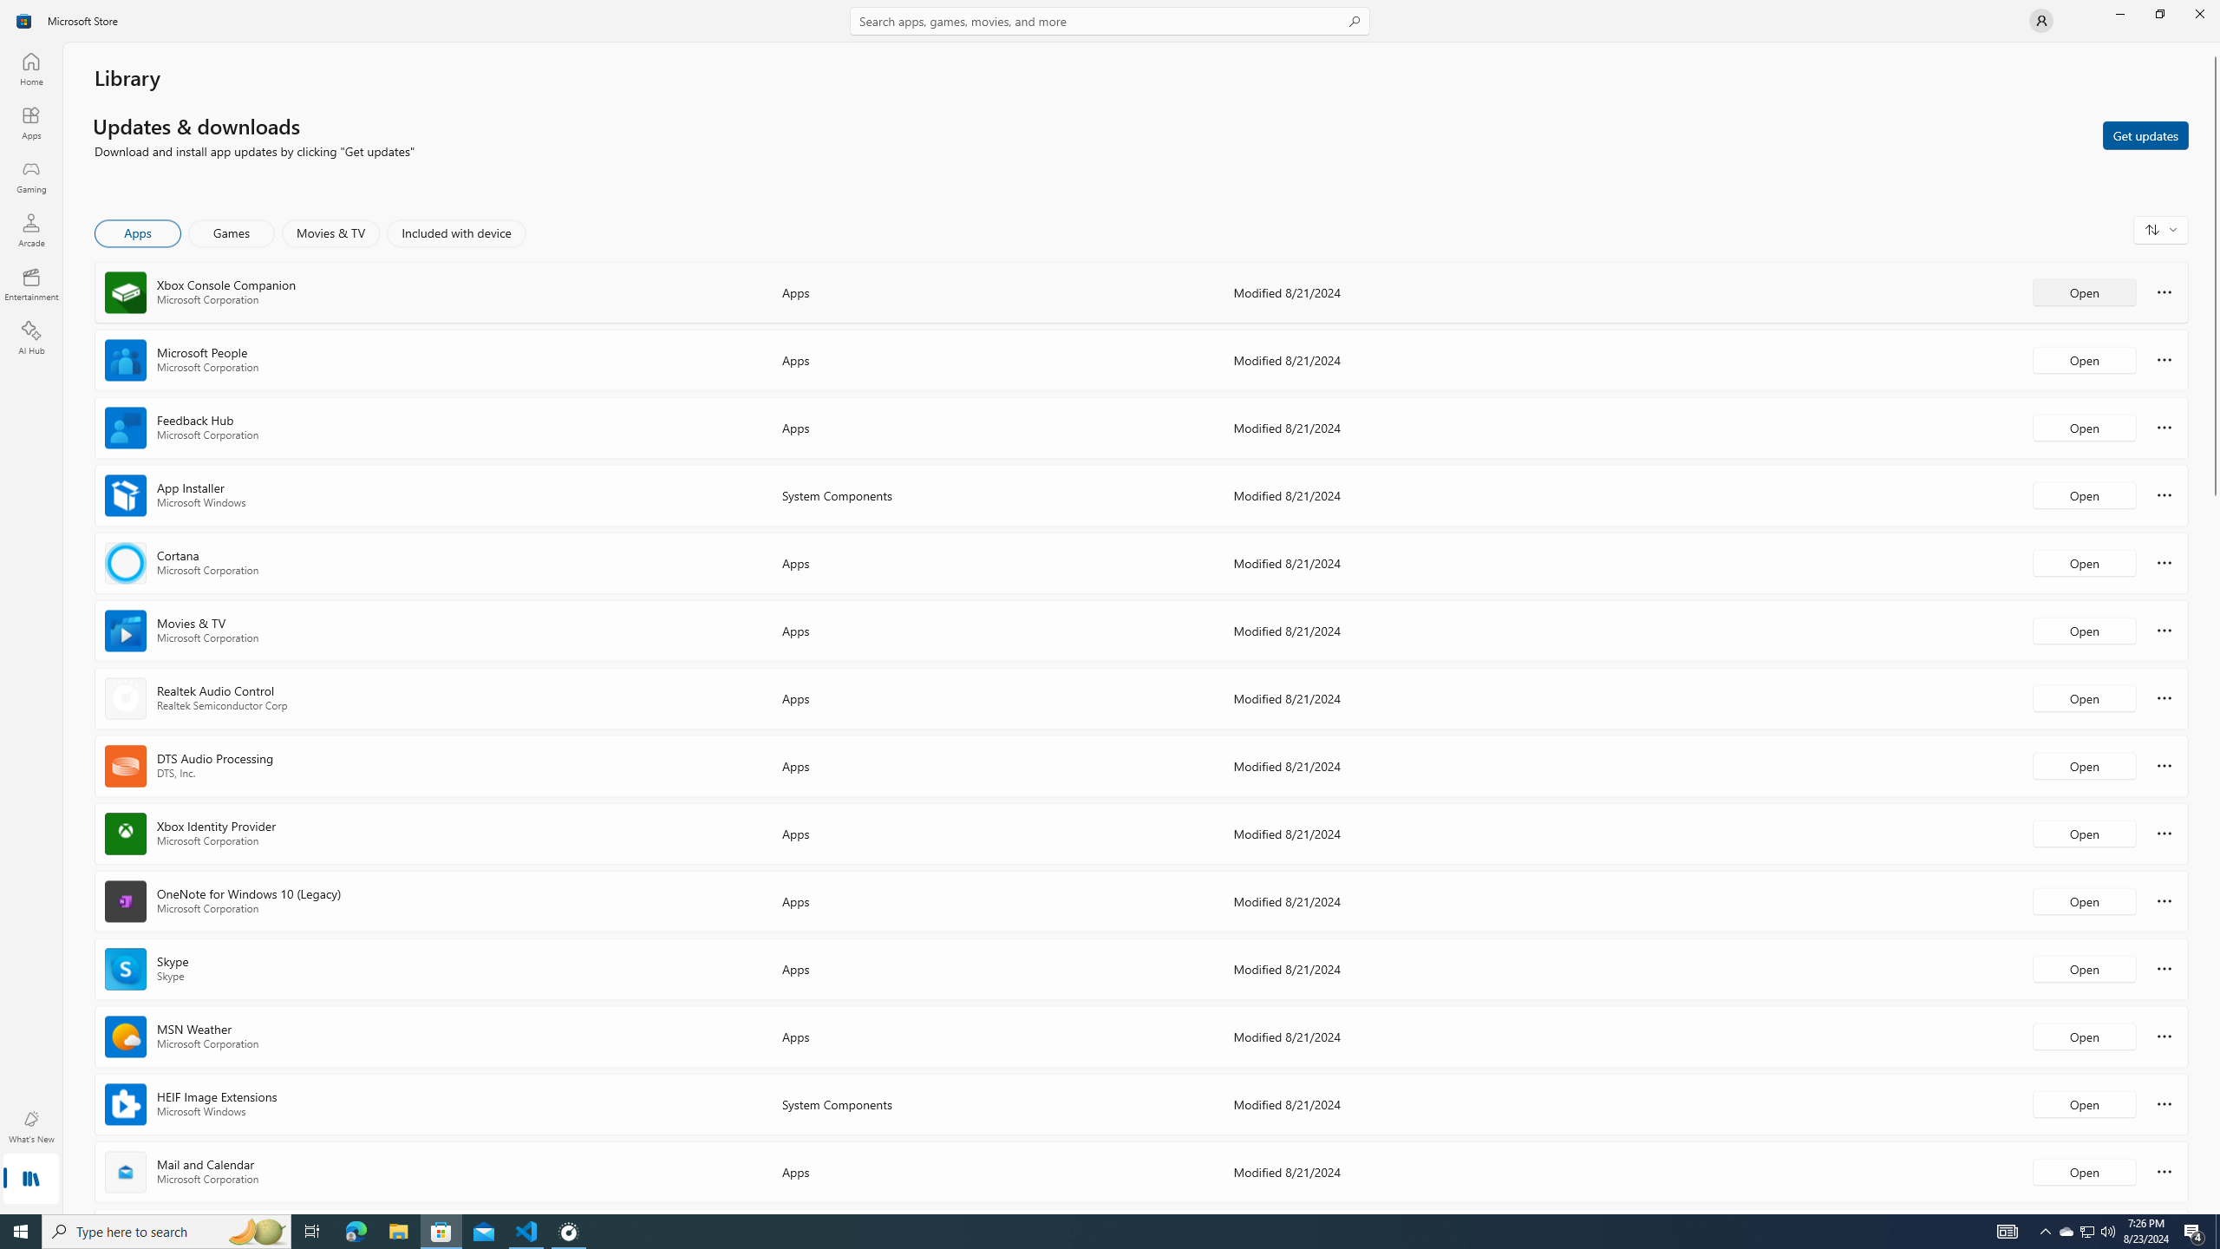 The width and height of the screenshot is (2220, 1249). Describe the element at coordinates (29, 1126) in the screenshot. I see `'What'` at that location.